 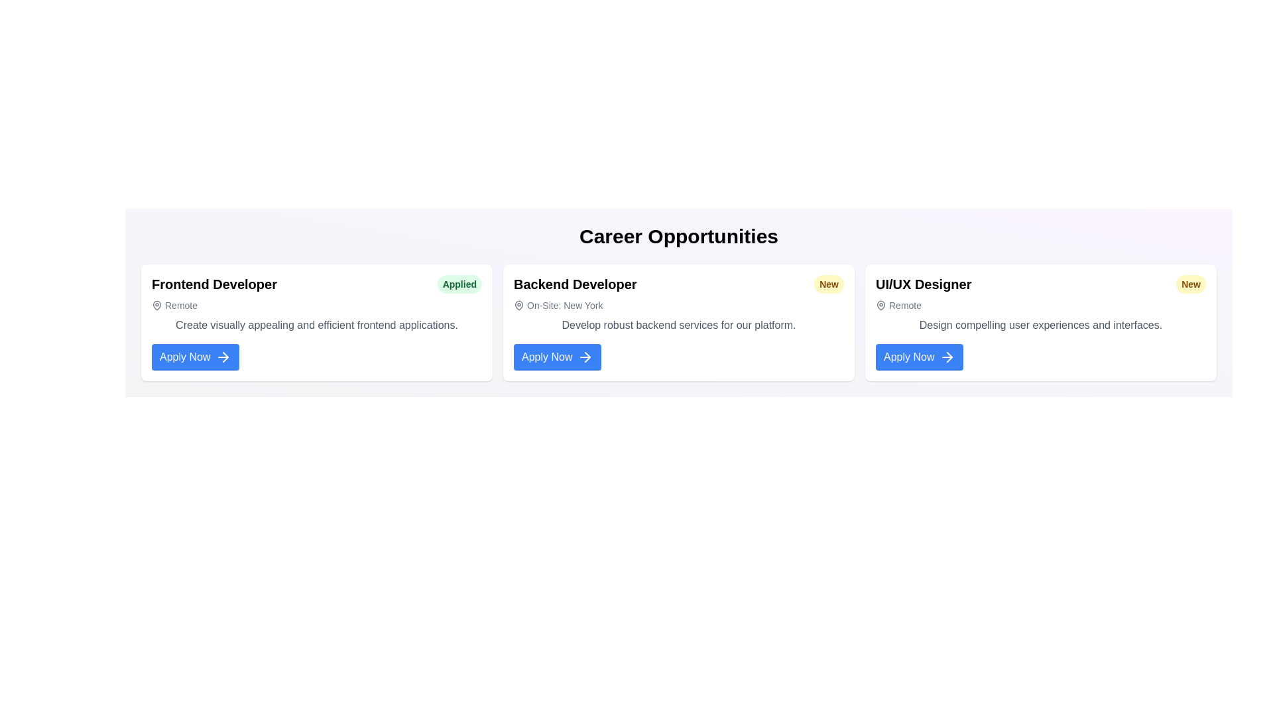 What do you see at coordinates (156, 306) in the screenshot?
I see `the compact map pin icon located next to the 'Remote' text in the first job section titled 'Frontend Developer'` at bounding box center [156, 306].